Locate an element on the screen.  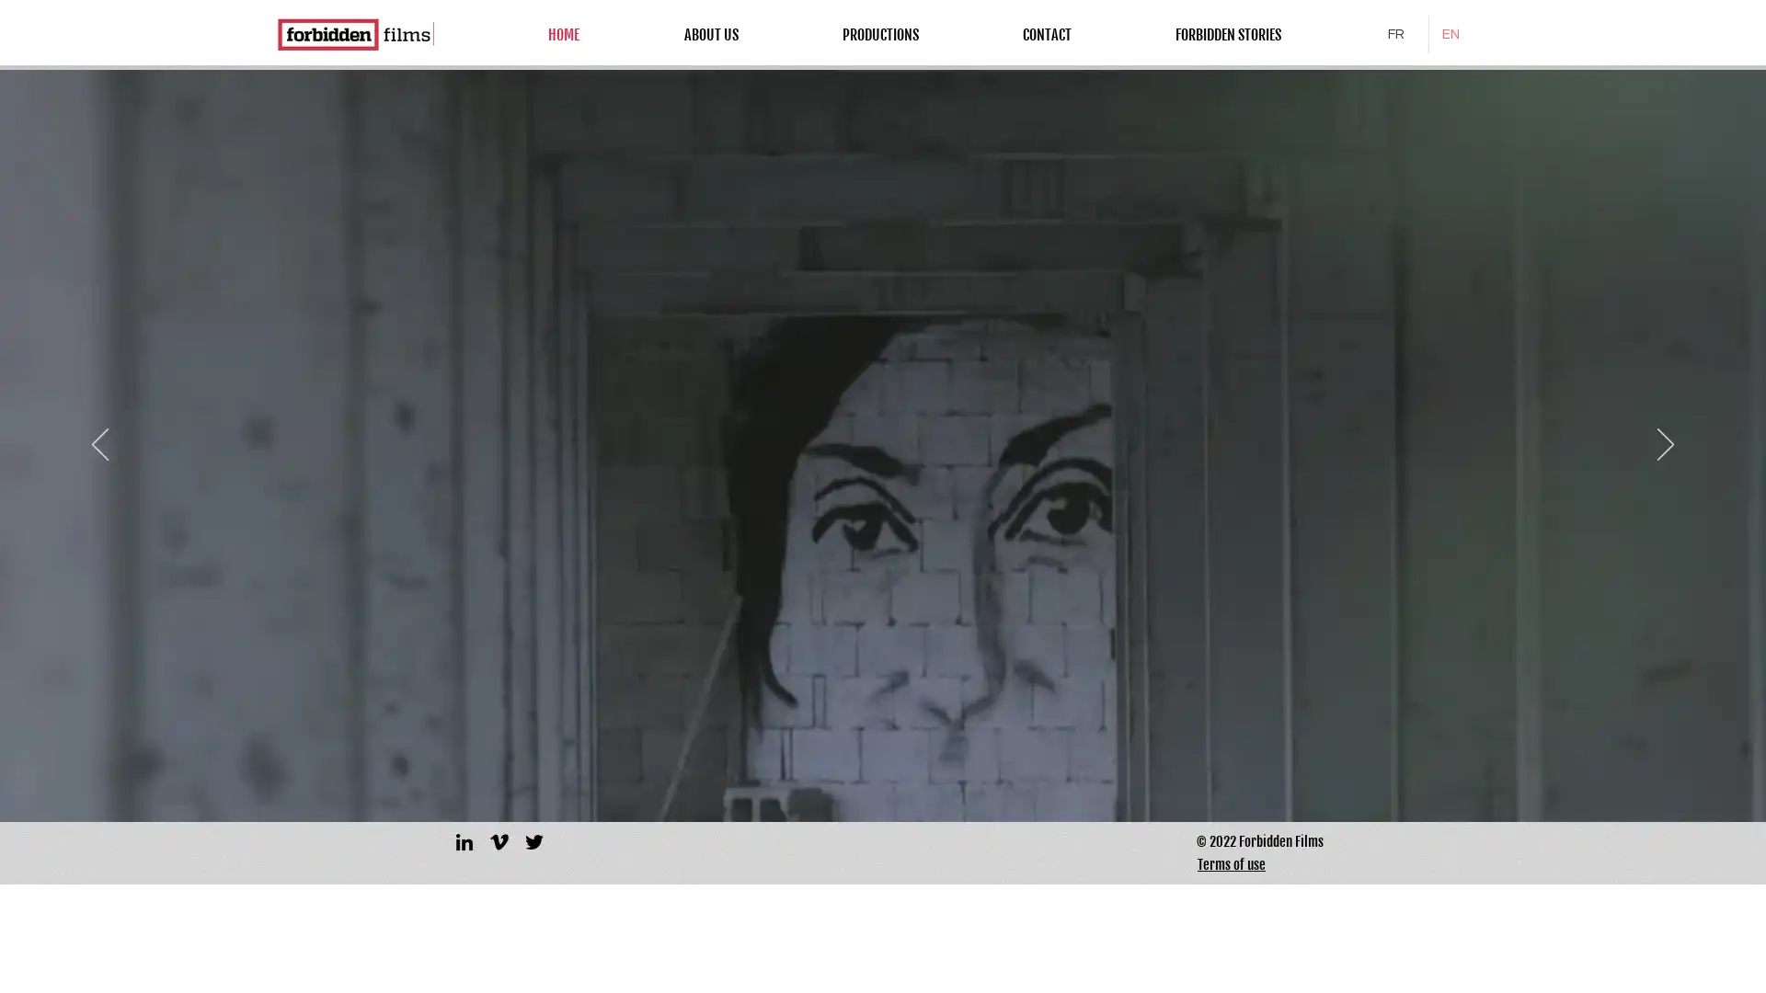
Next is located at coordinates (1665, 445).